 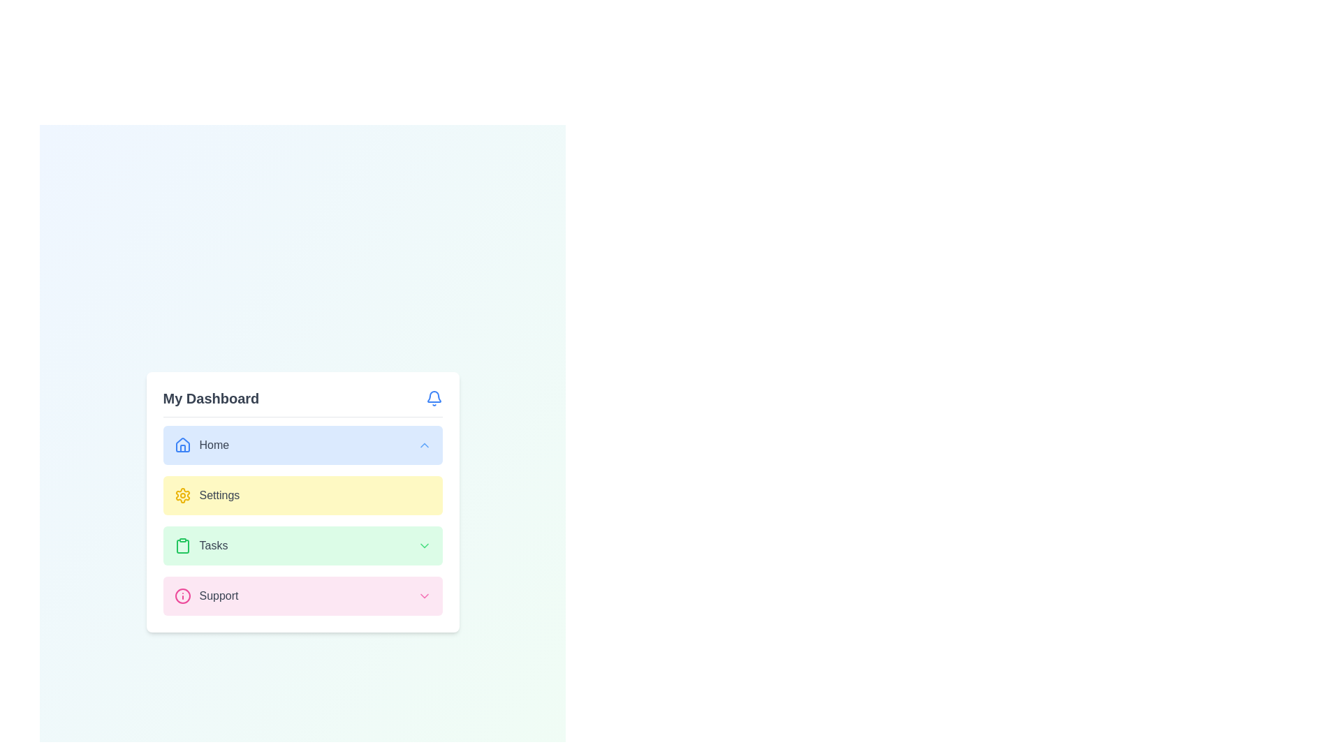 I want to click on the 'Support' text label in the 'My Dashboard' card, which is the last item in a vertically arranged list and has a light pink background, so click(x=218, y=596).